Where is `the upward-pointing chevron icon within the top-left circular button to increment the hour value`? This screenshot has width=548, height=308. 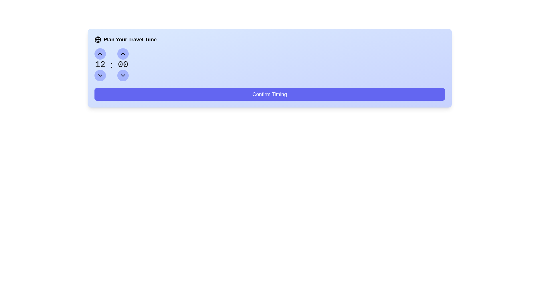
the upward-pointing chevron icon within the top-left circular button to increment the hour value is located at coordinates (100, 54).